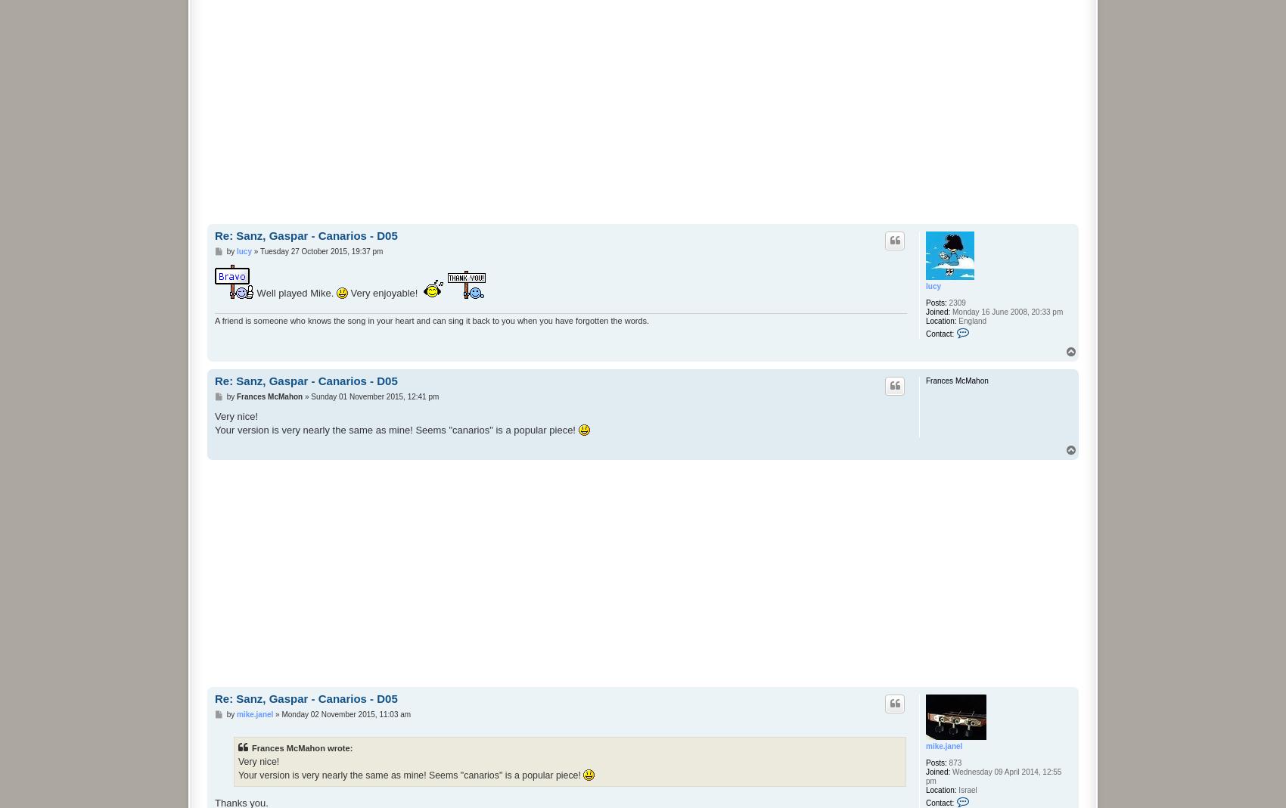  I want to click on 'Well played Mike.', so click(294, 291).